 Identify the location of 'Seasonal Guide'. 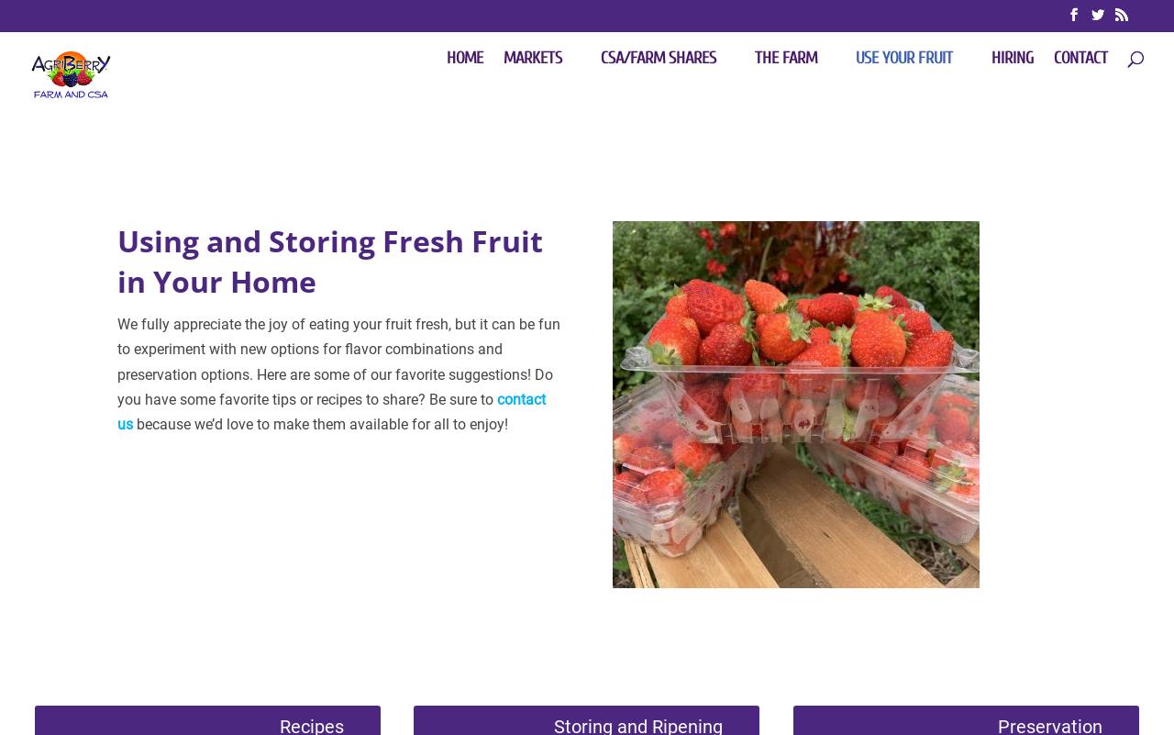
(591, 263).